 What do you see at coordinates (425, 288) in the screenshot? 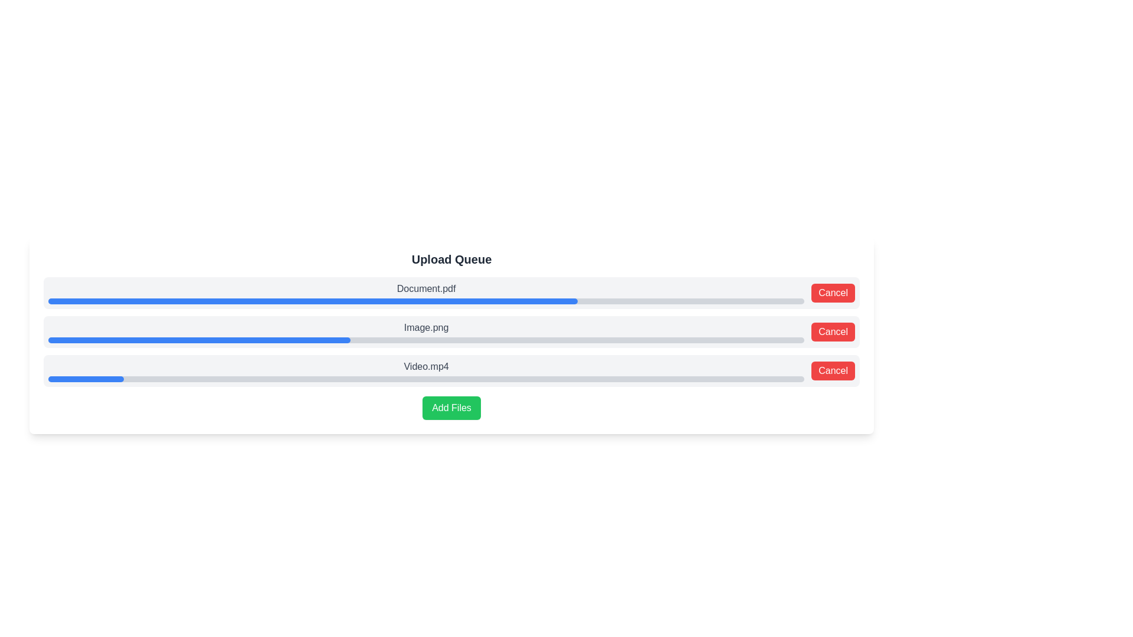
I see `the text label displaying 'Document.pdf' which is positioned above the progress bar in the 'Upload Queue'` at bounding box center [425, 288].